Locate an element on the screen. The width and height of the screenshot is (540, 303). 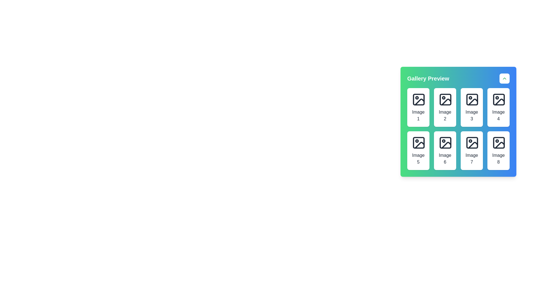
the representation of the graphical icon labeled 'Image 8', which is the bottom-most and right-most icon in the 'Gallery Preview' grid is located at coordinates (499, 143).